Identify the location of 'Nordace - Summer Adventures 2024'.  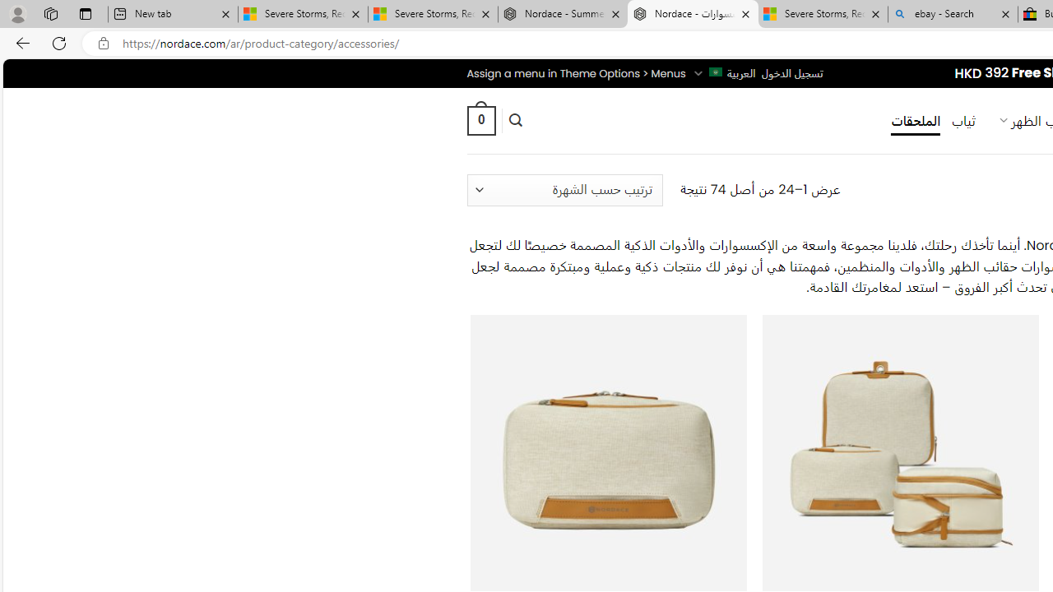
(563, 14).